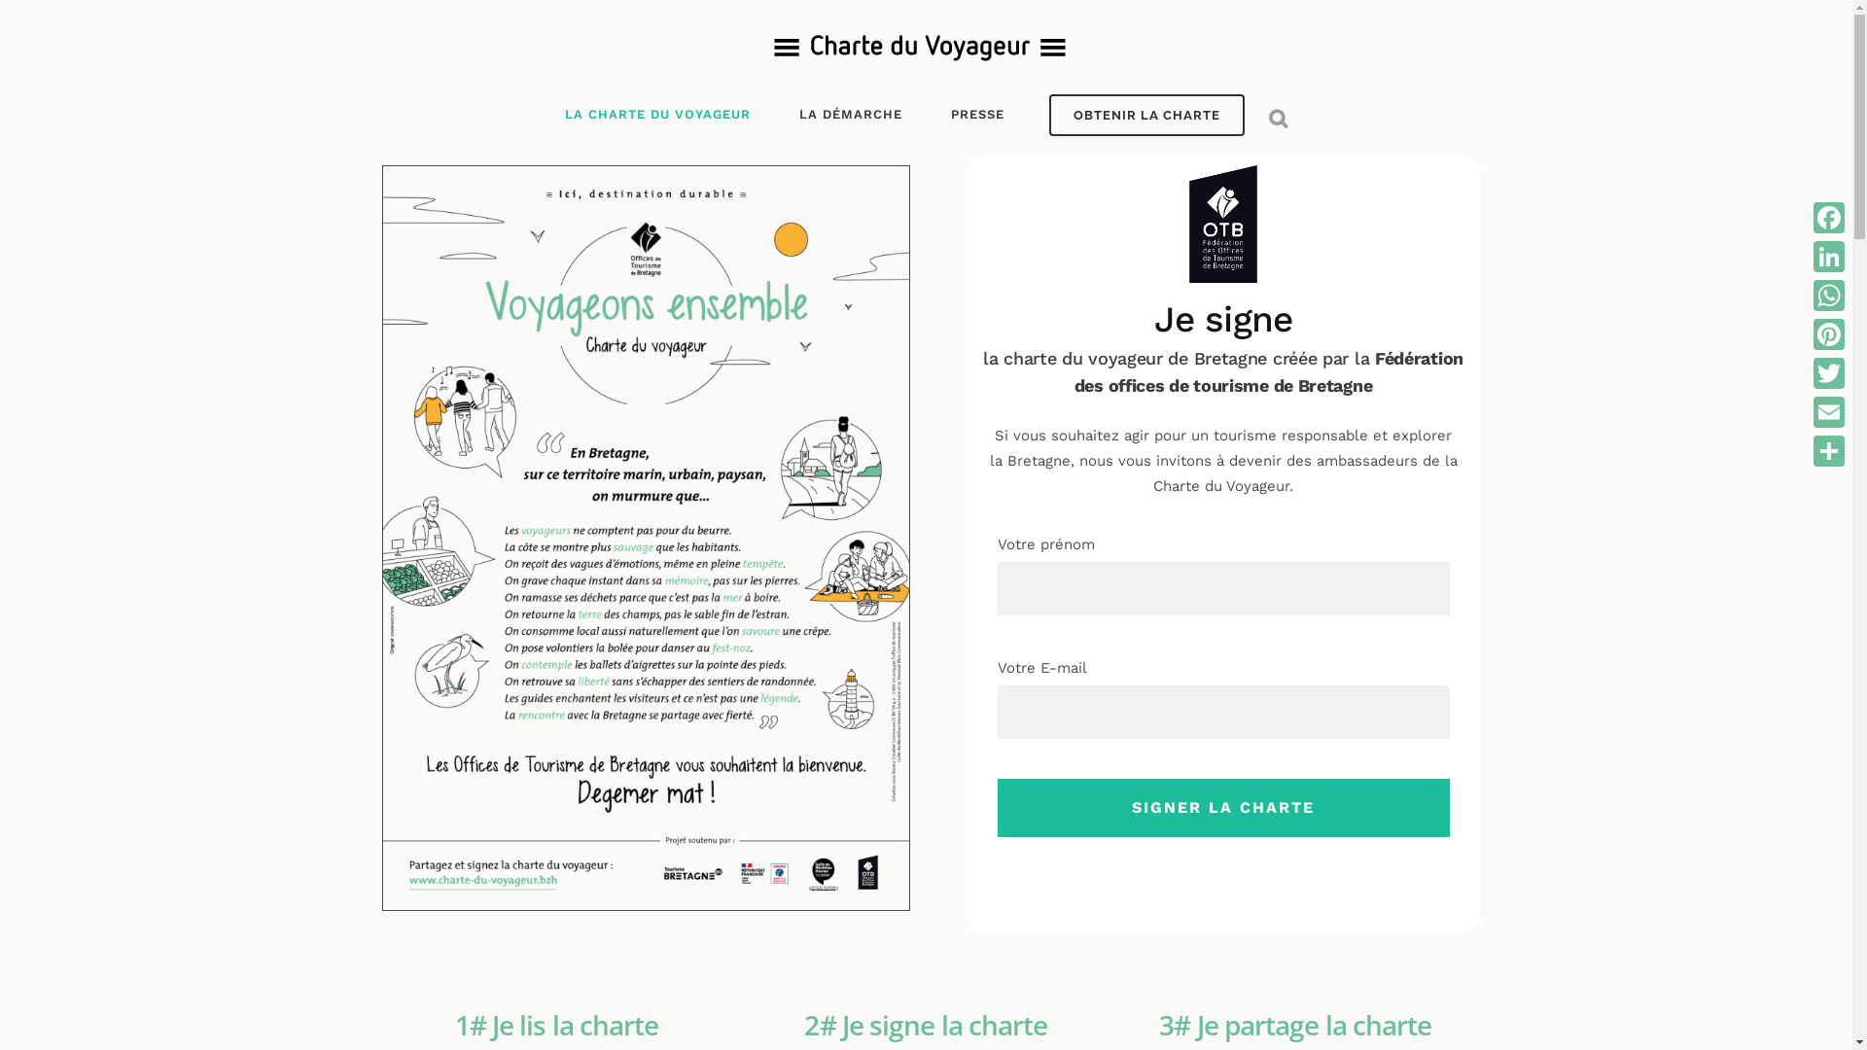 The image size is (1867, 1050). I want to click on 'OBTENIR LA CHARTE', so click(1145, 114).